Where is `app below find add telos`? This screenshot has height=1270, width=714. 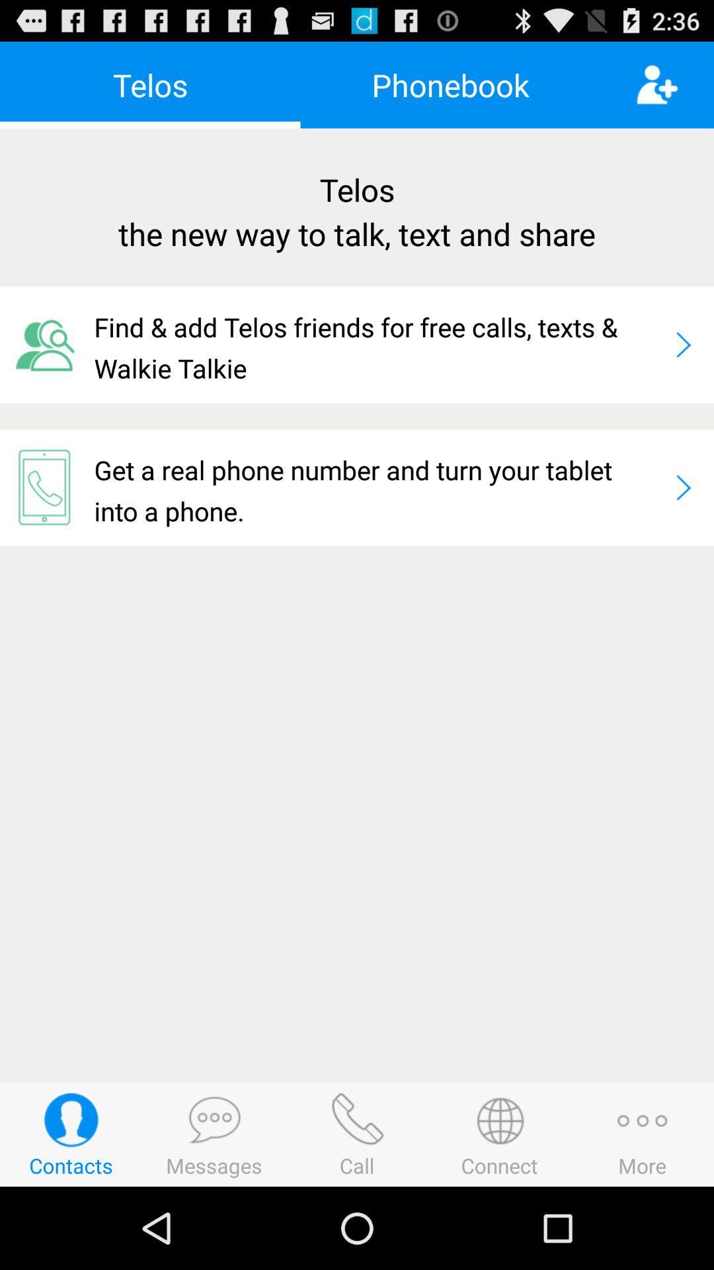
app below find add telos is located at coordinates (377, 487).